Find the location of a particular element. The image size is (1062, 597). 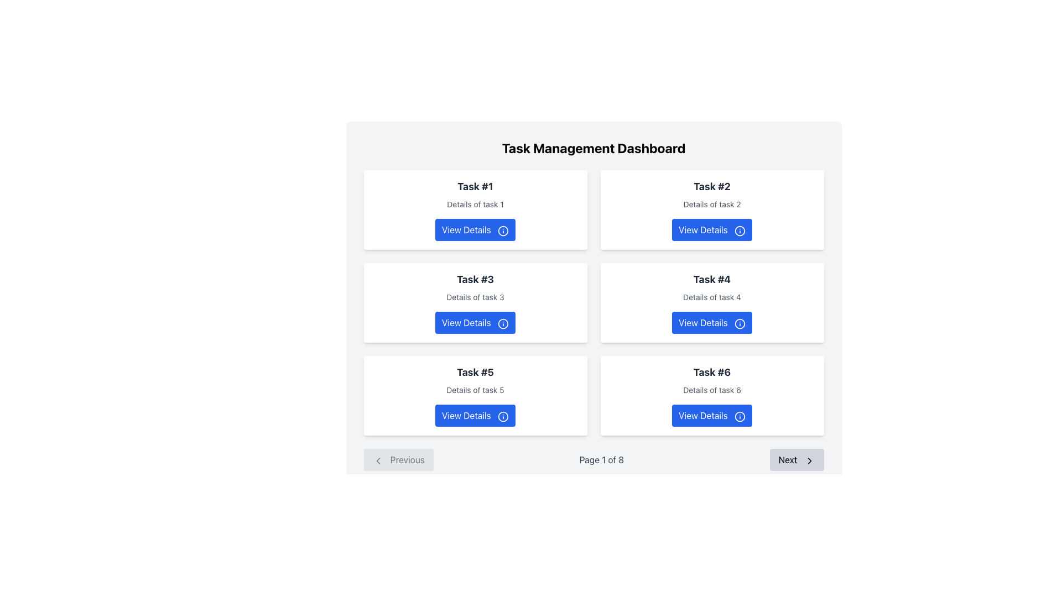

descriptive text line located in the upper-right card of the grid, which provides additional information about 'Task #2' is located at coordinates (712, 205).